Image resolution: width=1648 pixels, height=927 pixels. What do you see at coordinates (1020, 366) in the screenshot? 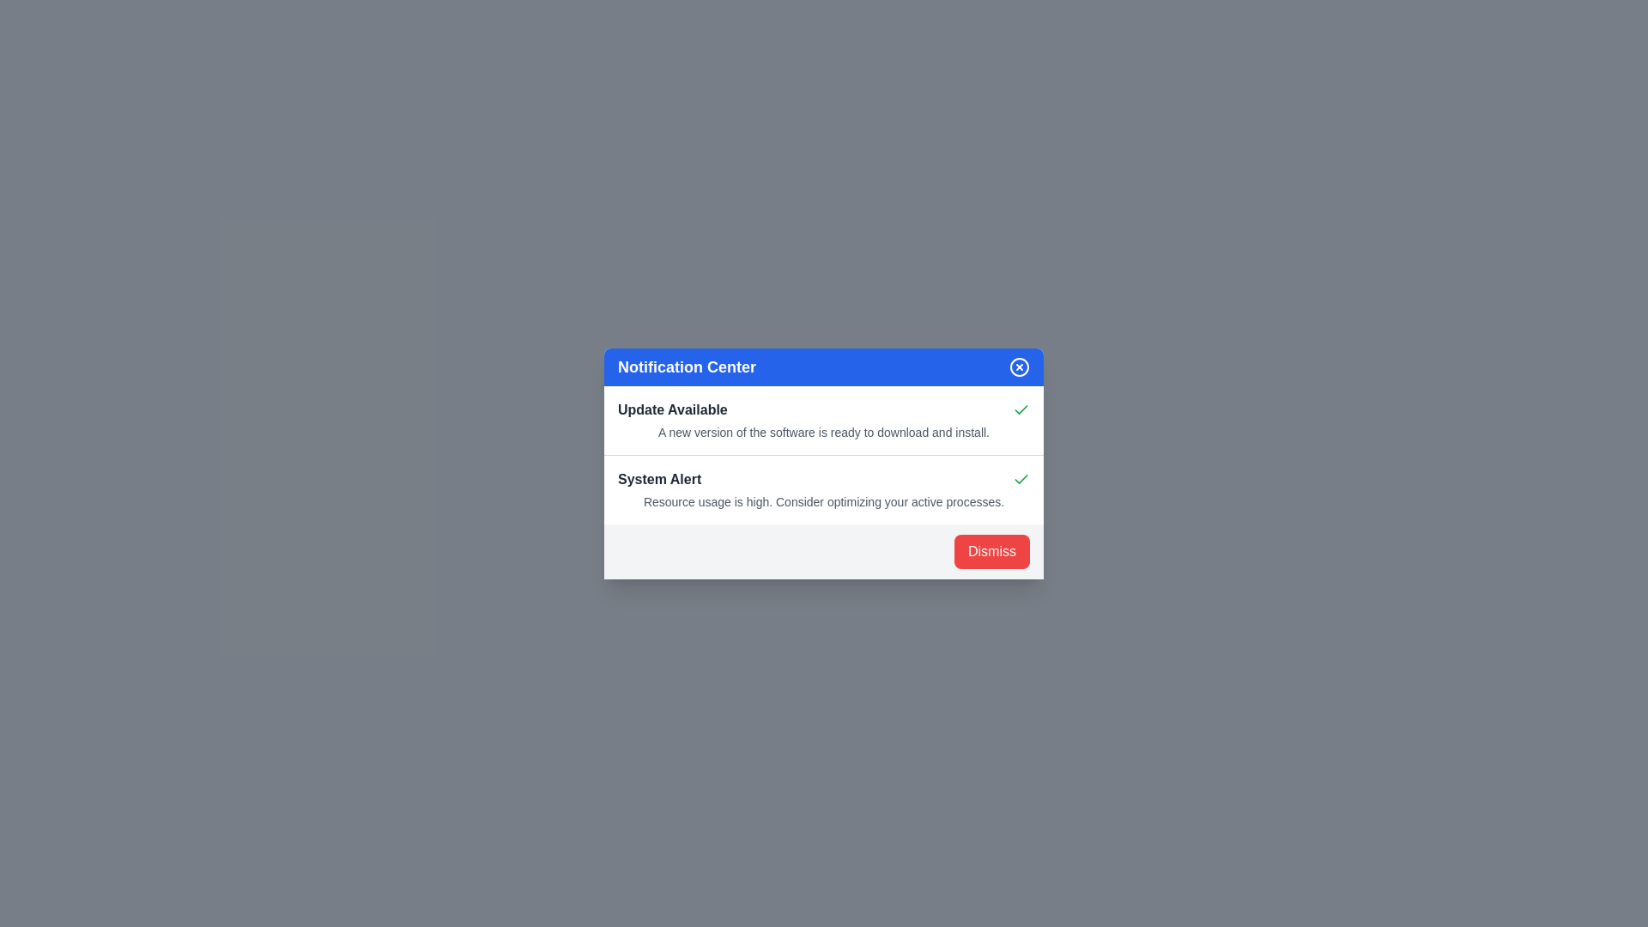
I see `close button in the header of the dialog to close it` at bounding box center [1020, 366].